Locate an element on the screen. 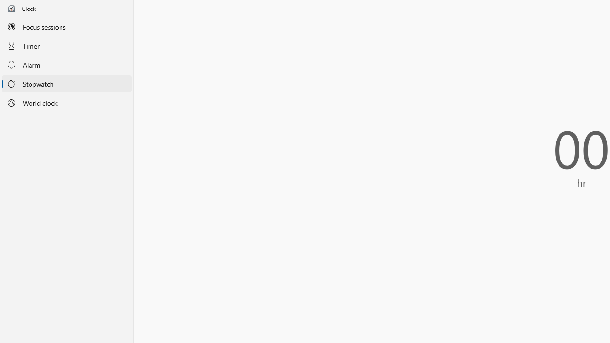 The width and height of the screenshot is (610, 343). 'World clock' is located at coordinates (66, 103).